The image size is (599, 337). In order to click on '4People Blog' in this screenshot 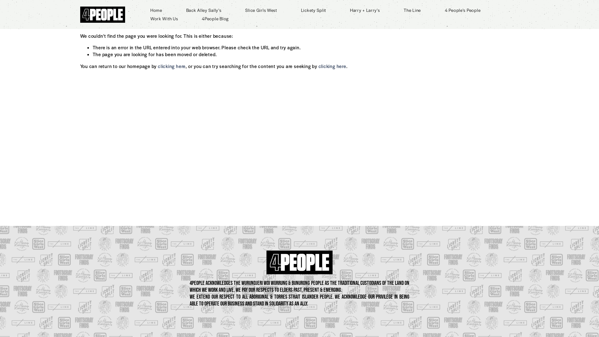, I will do `click(215, 18)`.